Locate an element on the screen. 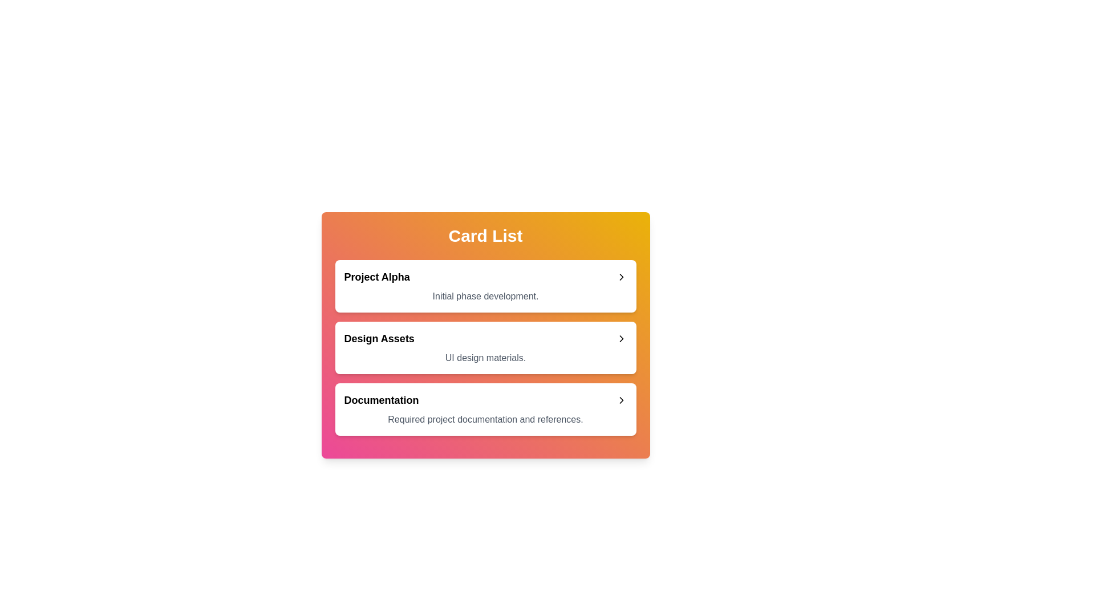 This screenshot has height=616, width=1095. the card titled Documentation to expand and read its description is located at coordinates (485, 408).